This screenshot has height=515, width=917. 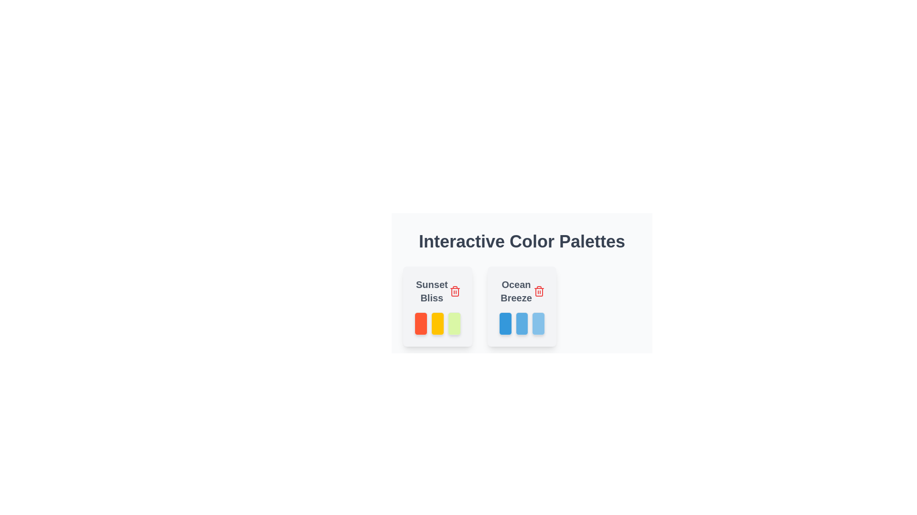 What do you see at coordinates (504, 323) in the screenshot?
I see `the first blue color swatch in the 'Ocean Breeze' palette section` at bounding box center [504, 323].